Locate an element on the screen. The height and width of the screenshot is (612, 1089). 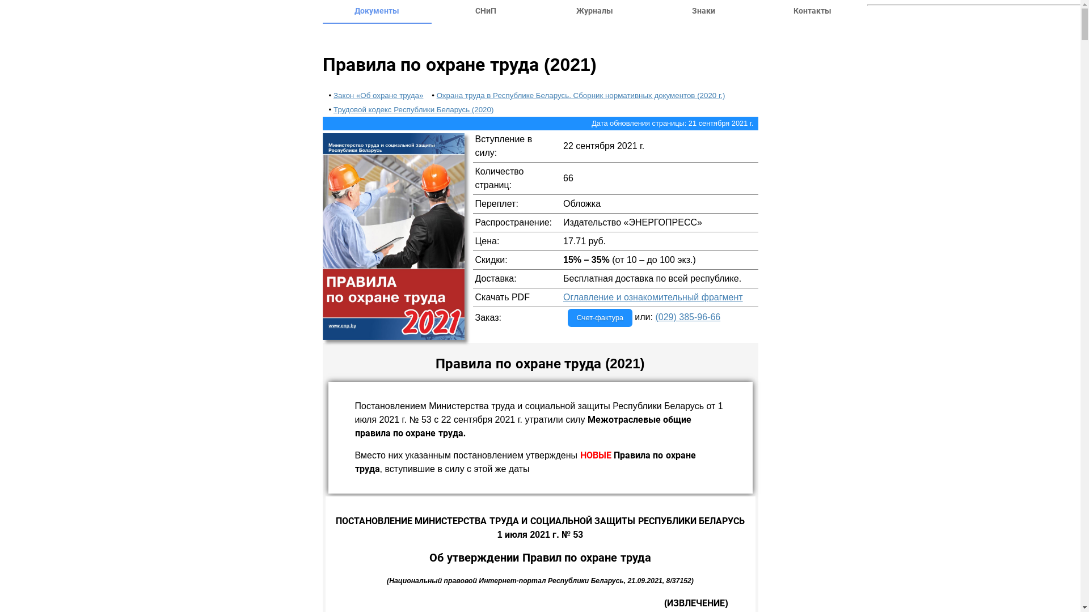
'(029) 385-96-66' is located at coordinates (687, 317).